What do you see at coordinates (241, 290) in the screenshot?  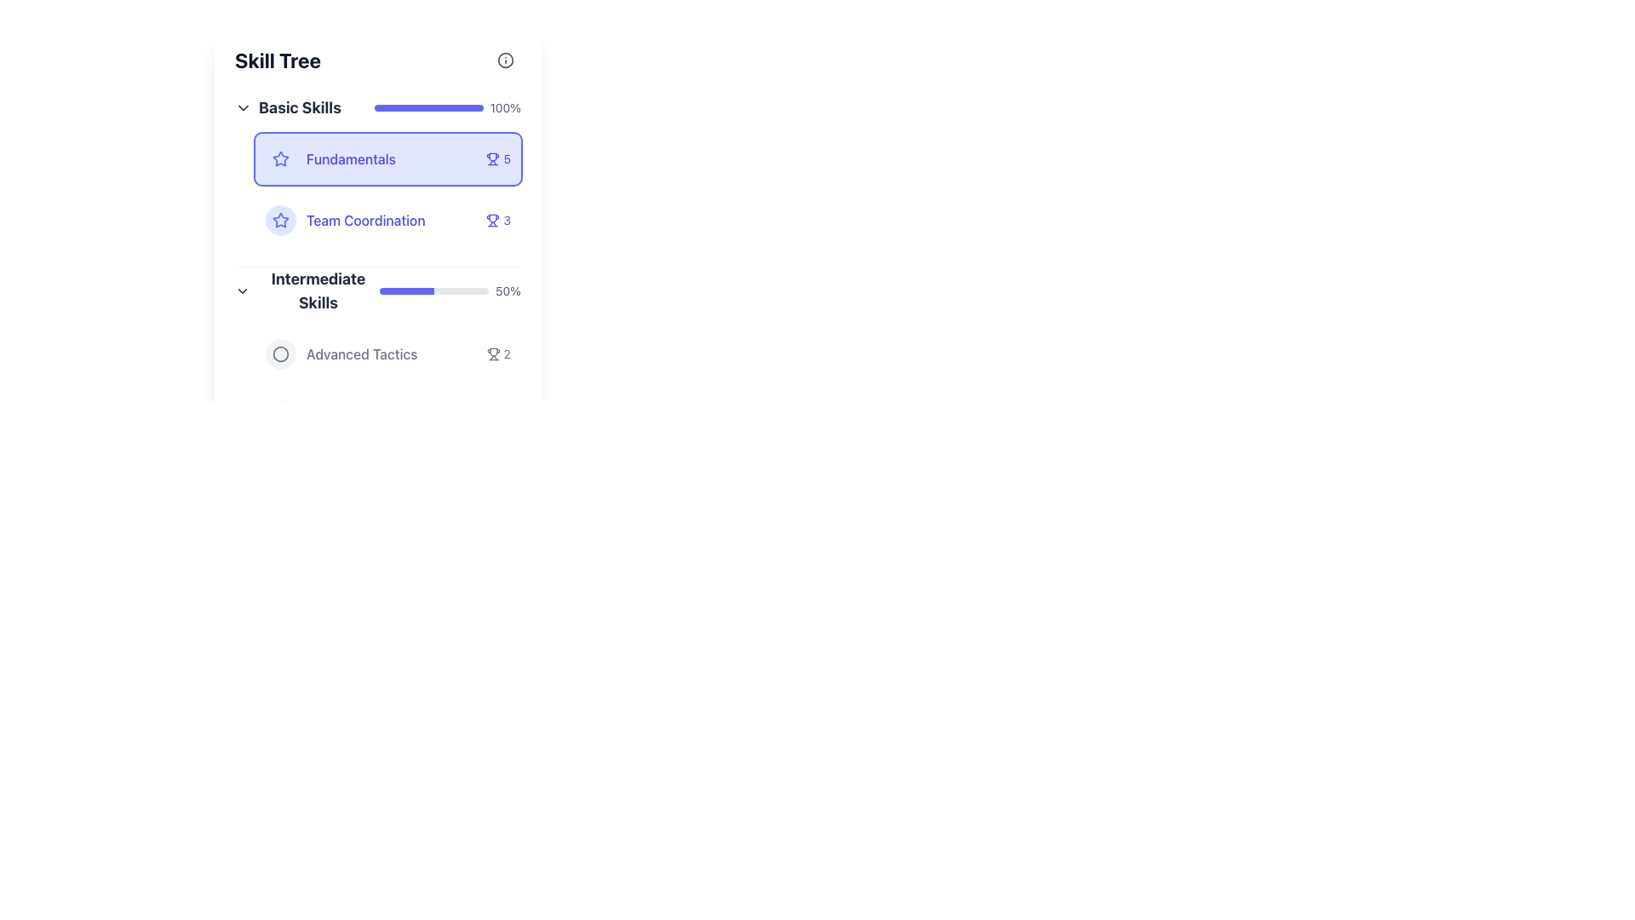 I see `the Chevron icon located to the left of the 'Intermediate Skills' text` at bounding box center [241, 290].